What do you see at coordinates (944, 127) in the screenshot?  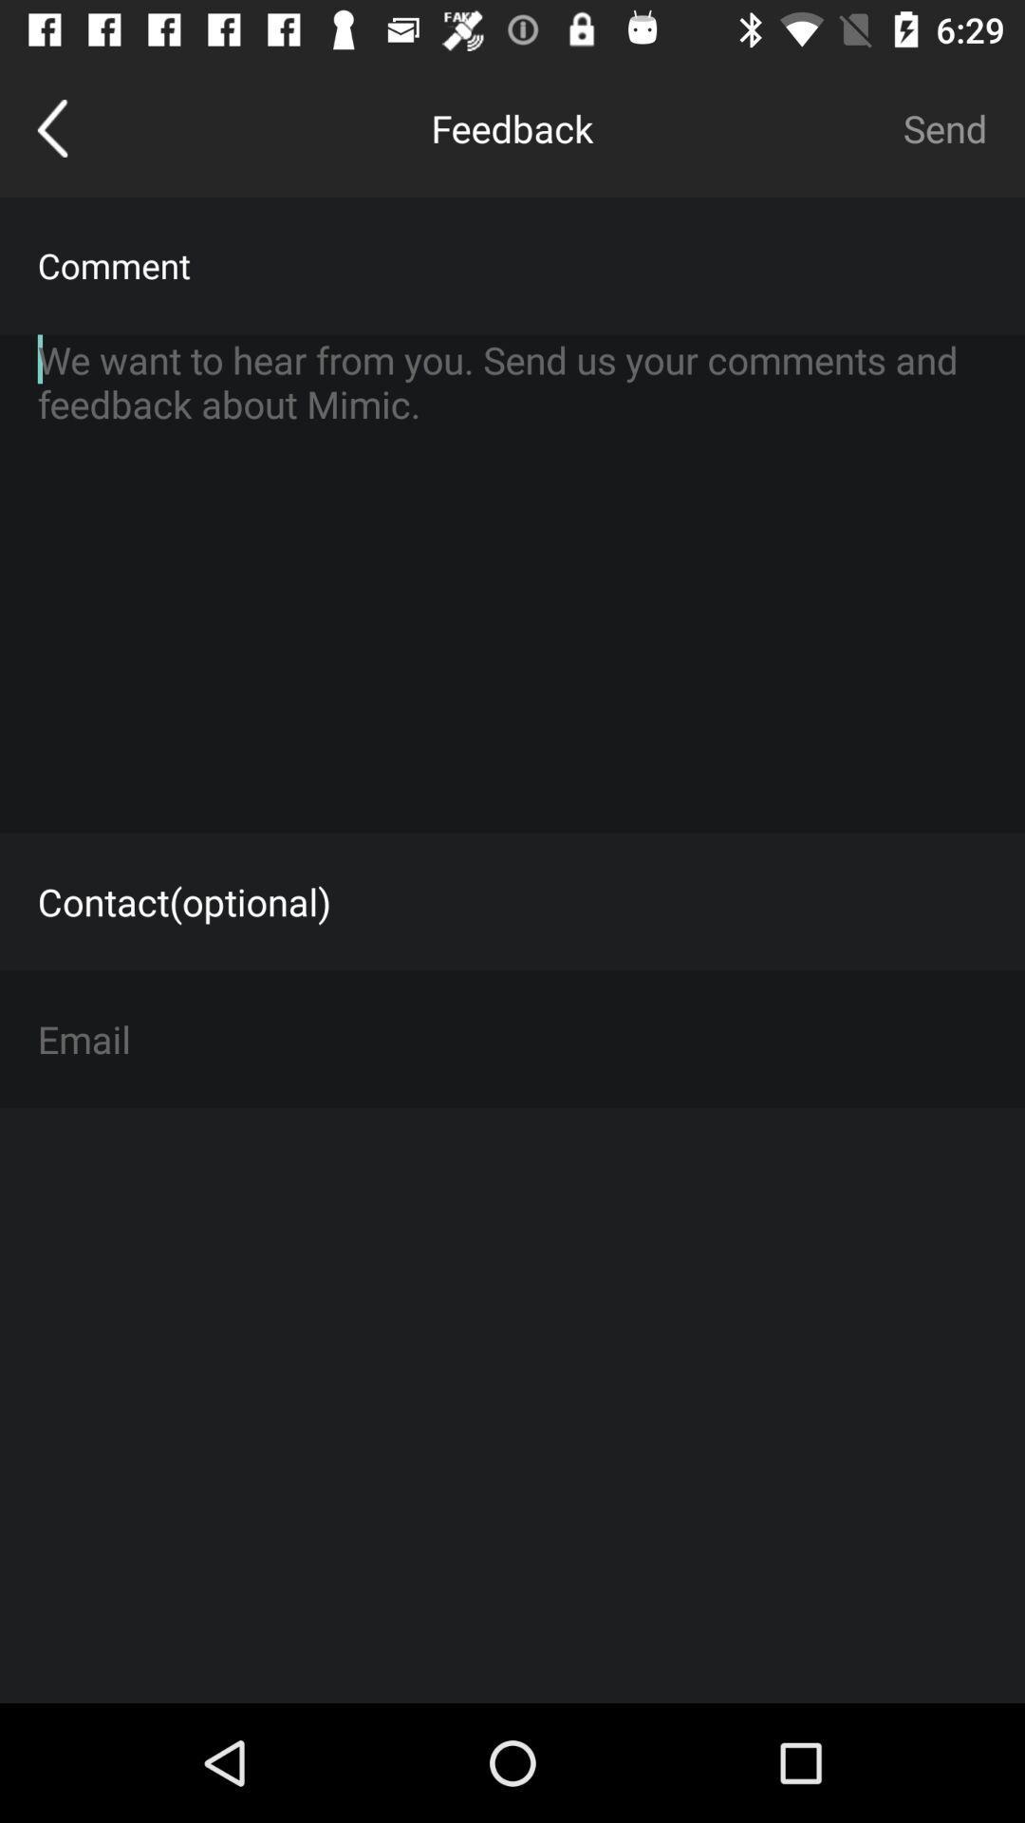 I see `the item above comment item` at bounding box center [944, 127].